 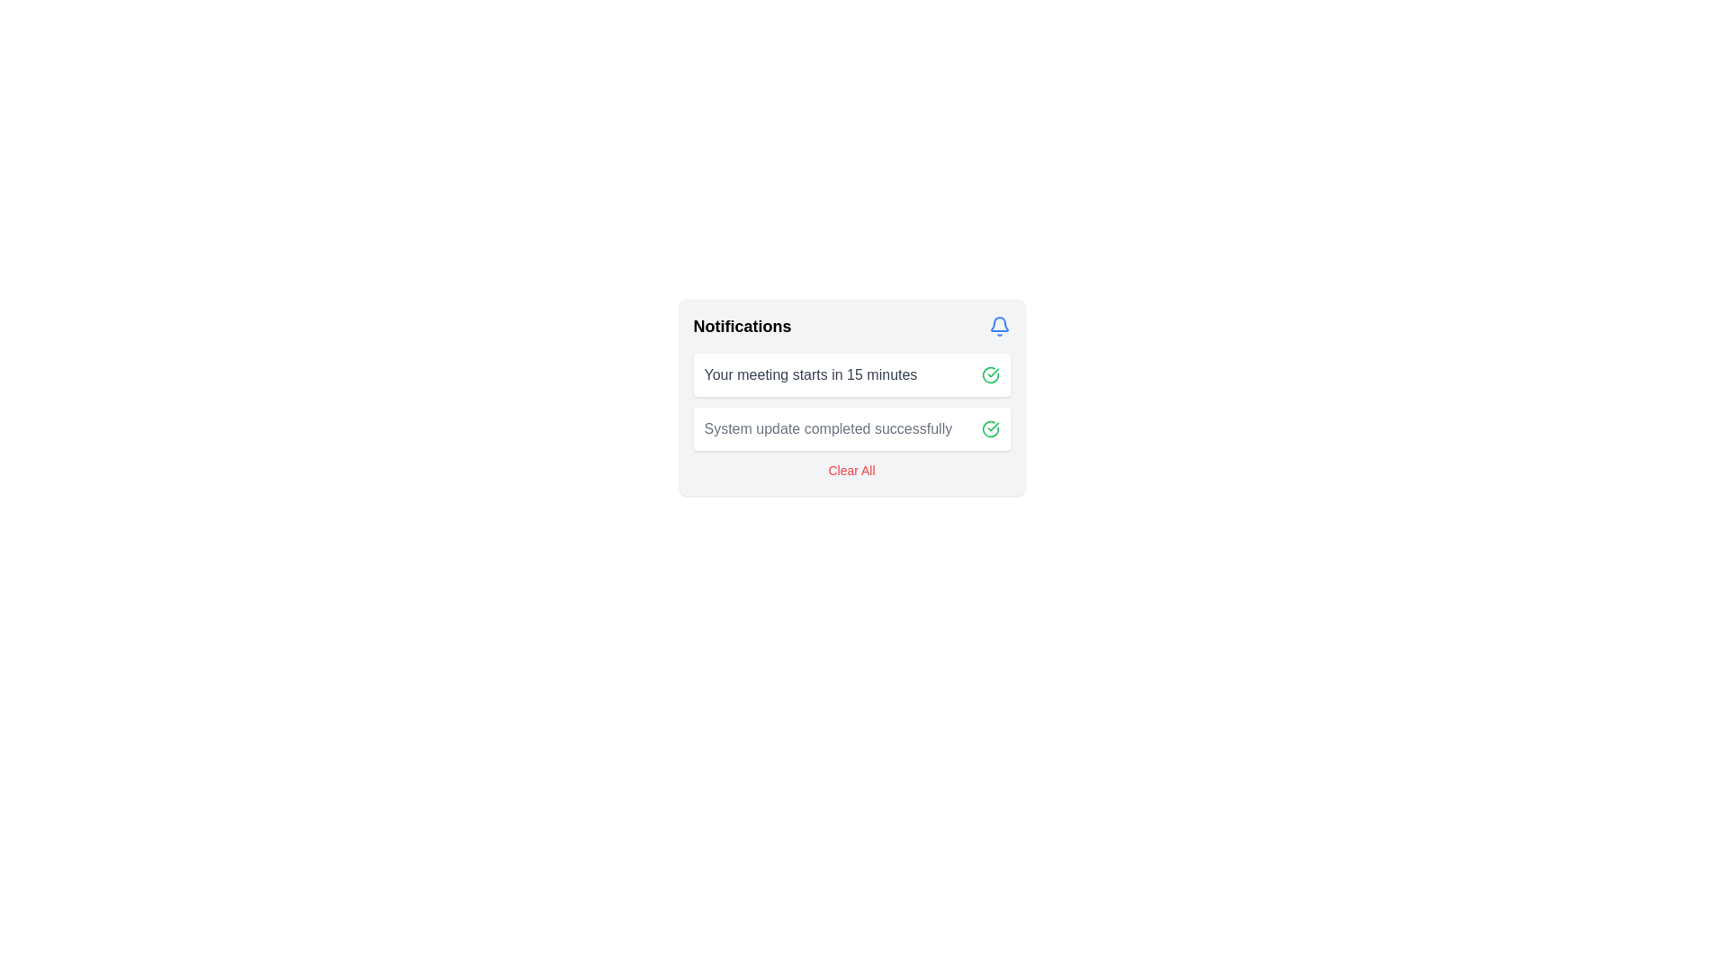 What do you see at coordinates (989, 373) in the screenshot?
I see `the green circular icon with a checkmark, located towards the top-right corner of the notification panel that indicates a successful action` at bounding box center [989, 373].